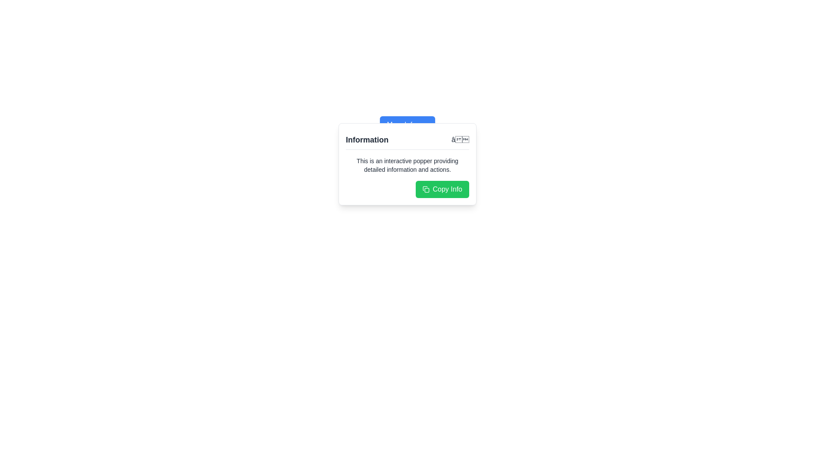  Describe the element at coordinates (407, 124) in the screenshot. I see `the information button located at the upper section of the card to observe its hover effect` at that location.